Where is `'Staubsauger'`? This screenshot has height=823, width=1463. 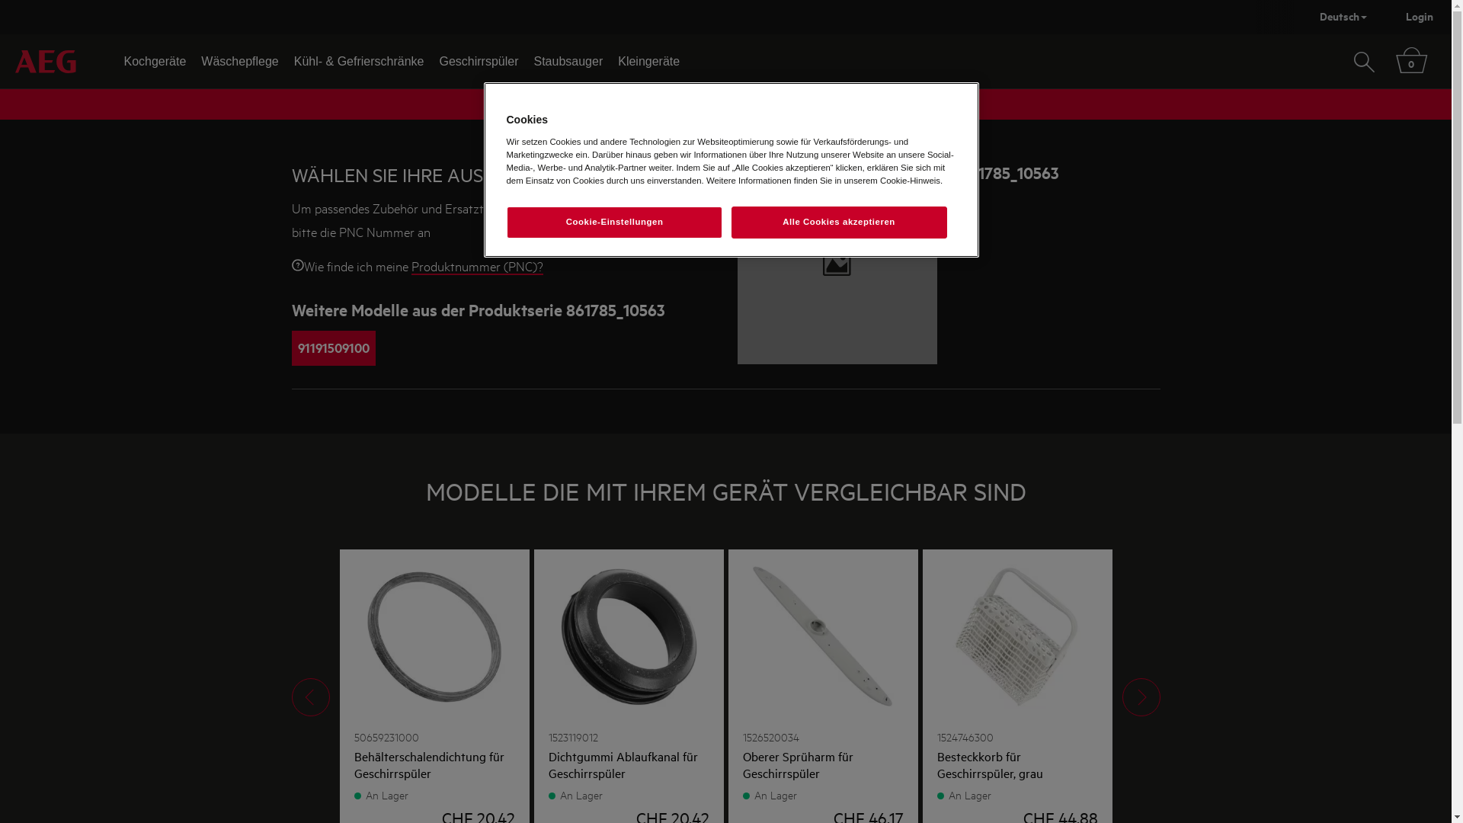
'Staubsauger' is located at coordinates (526, 61).